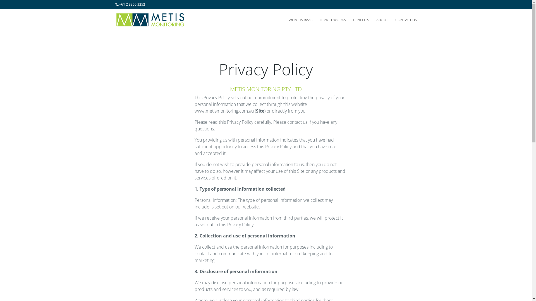  Describe the element at coordinates (406, 24) in the screenshot. I see `'CONTACT US'` at that location.